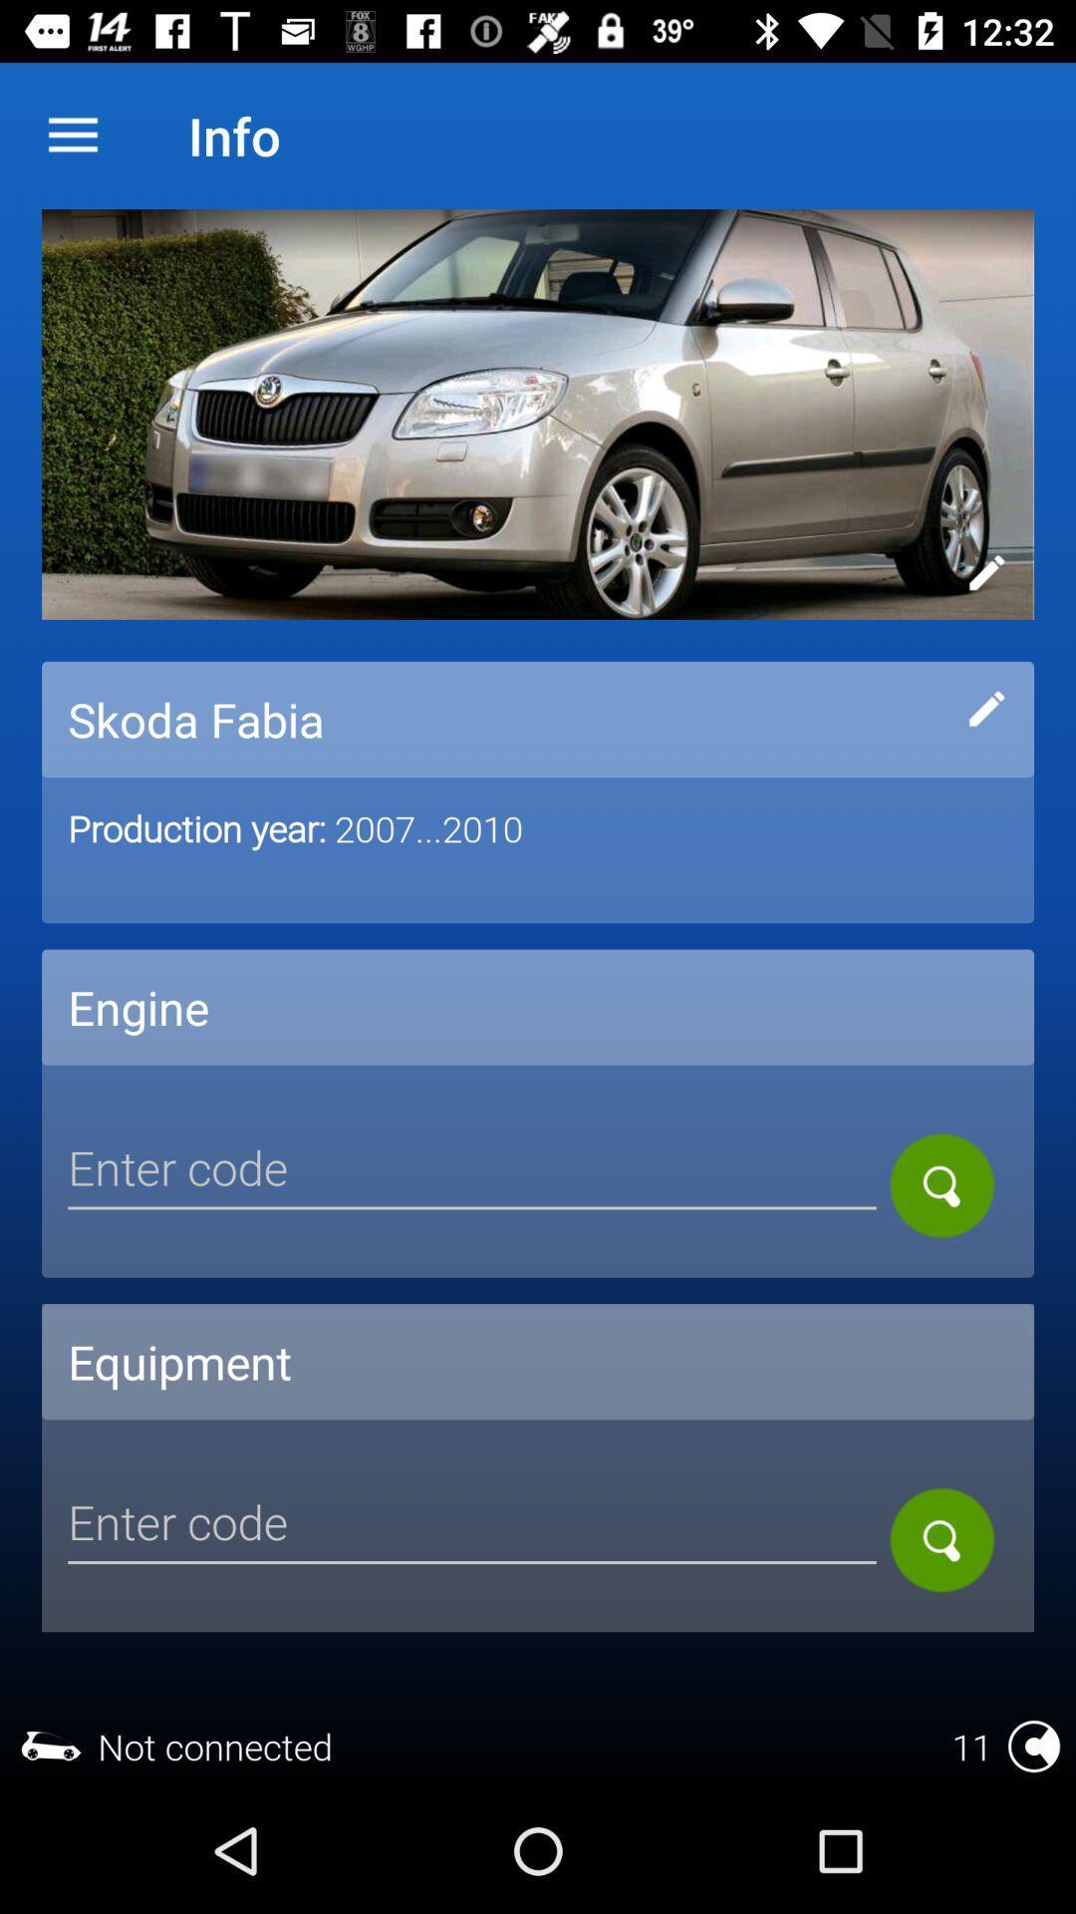 This screenshot has height=1914, width=1076. Describe the element at coordinates (941, 1539) in the screenshot. I see `search` at that location.